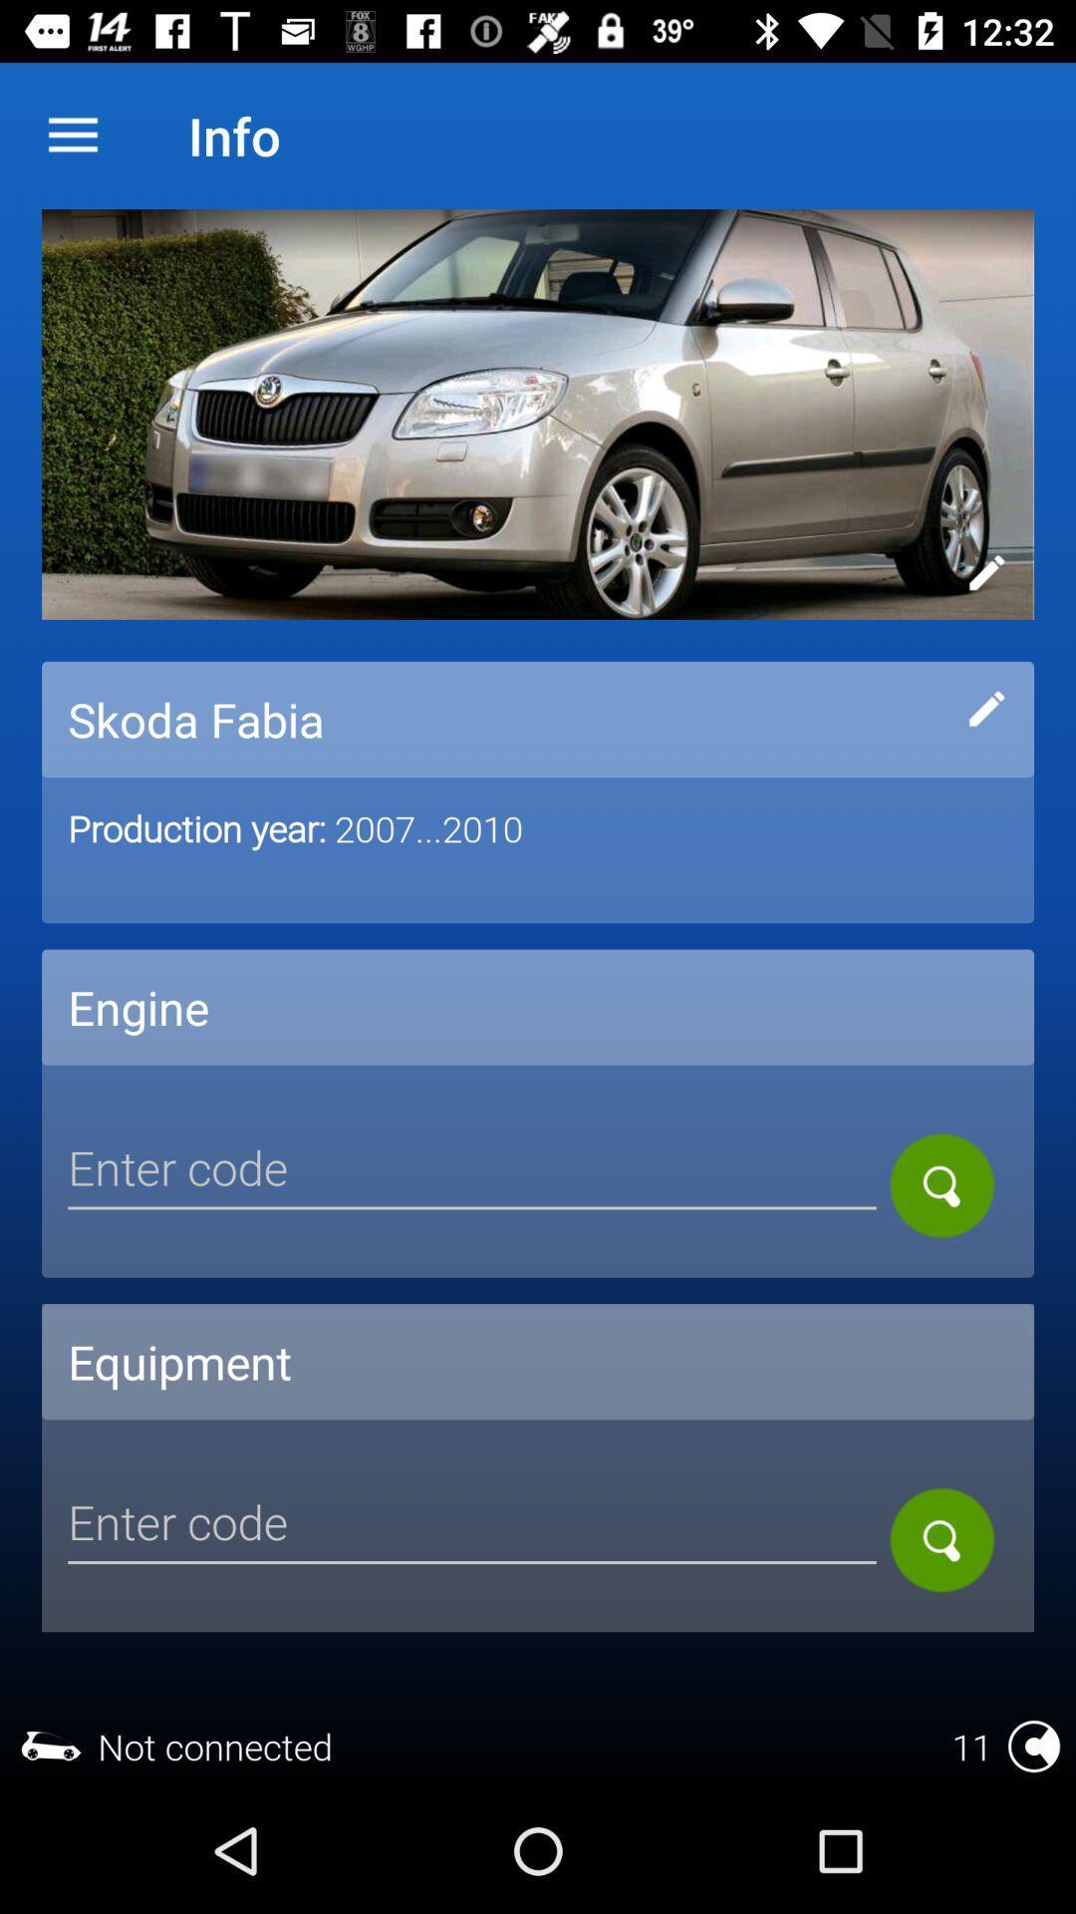 This screenshot has height=1914, width=1076. Describe the element at coordinates (941, 1539) in the screenshot. I see `search` at that location.